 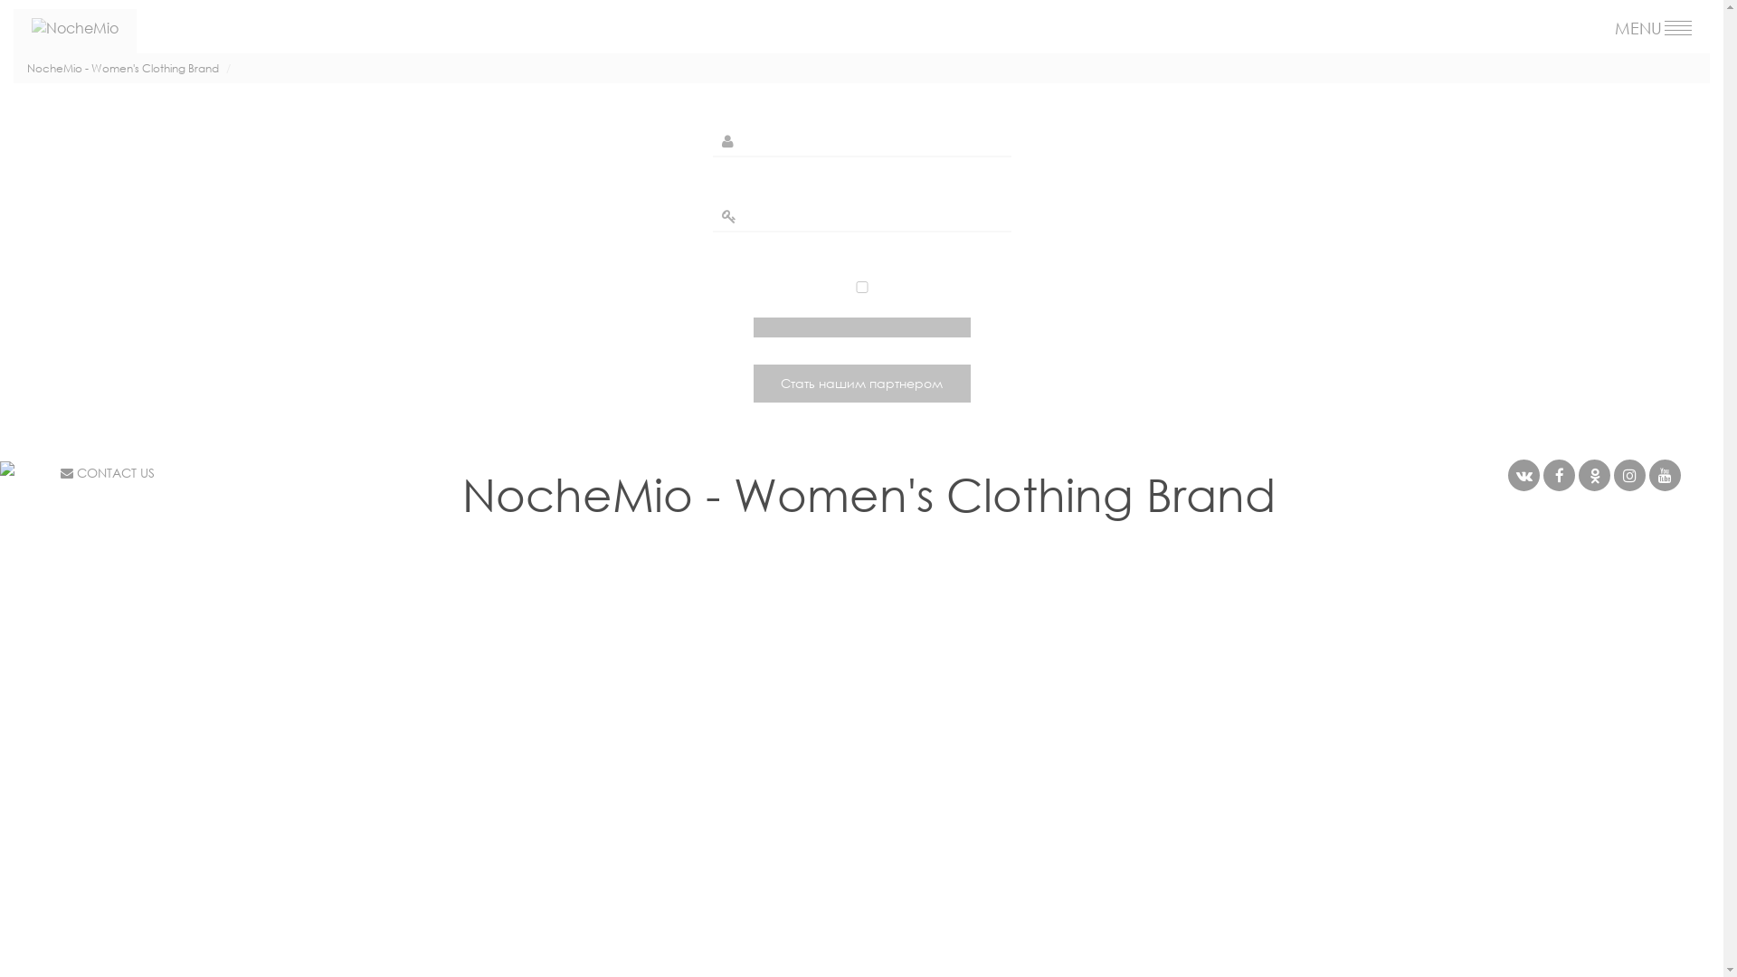 I want to click on 'CONTACT US', so click(x=107, y=471).